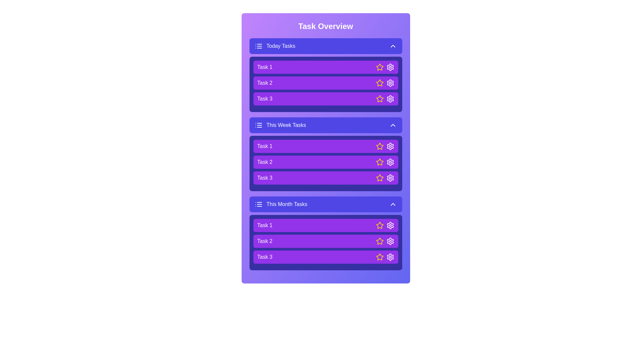 This screenshot has width=632, height=356. I want to click on the settings icon of a task to configure it. Specify the task using the parameter Task 3, so click(390, 99).